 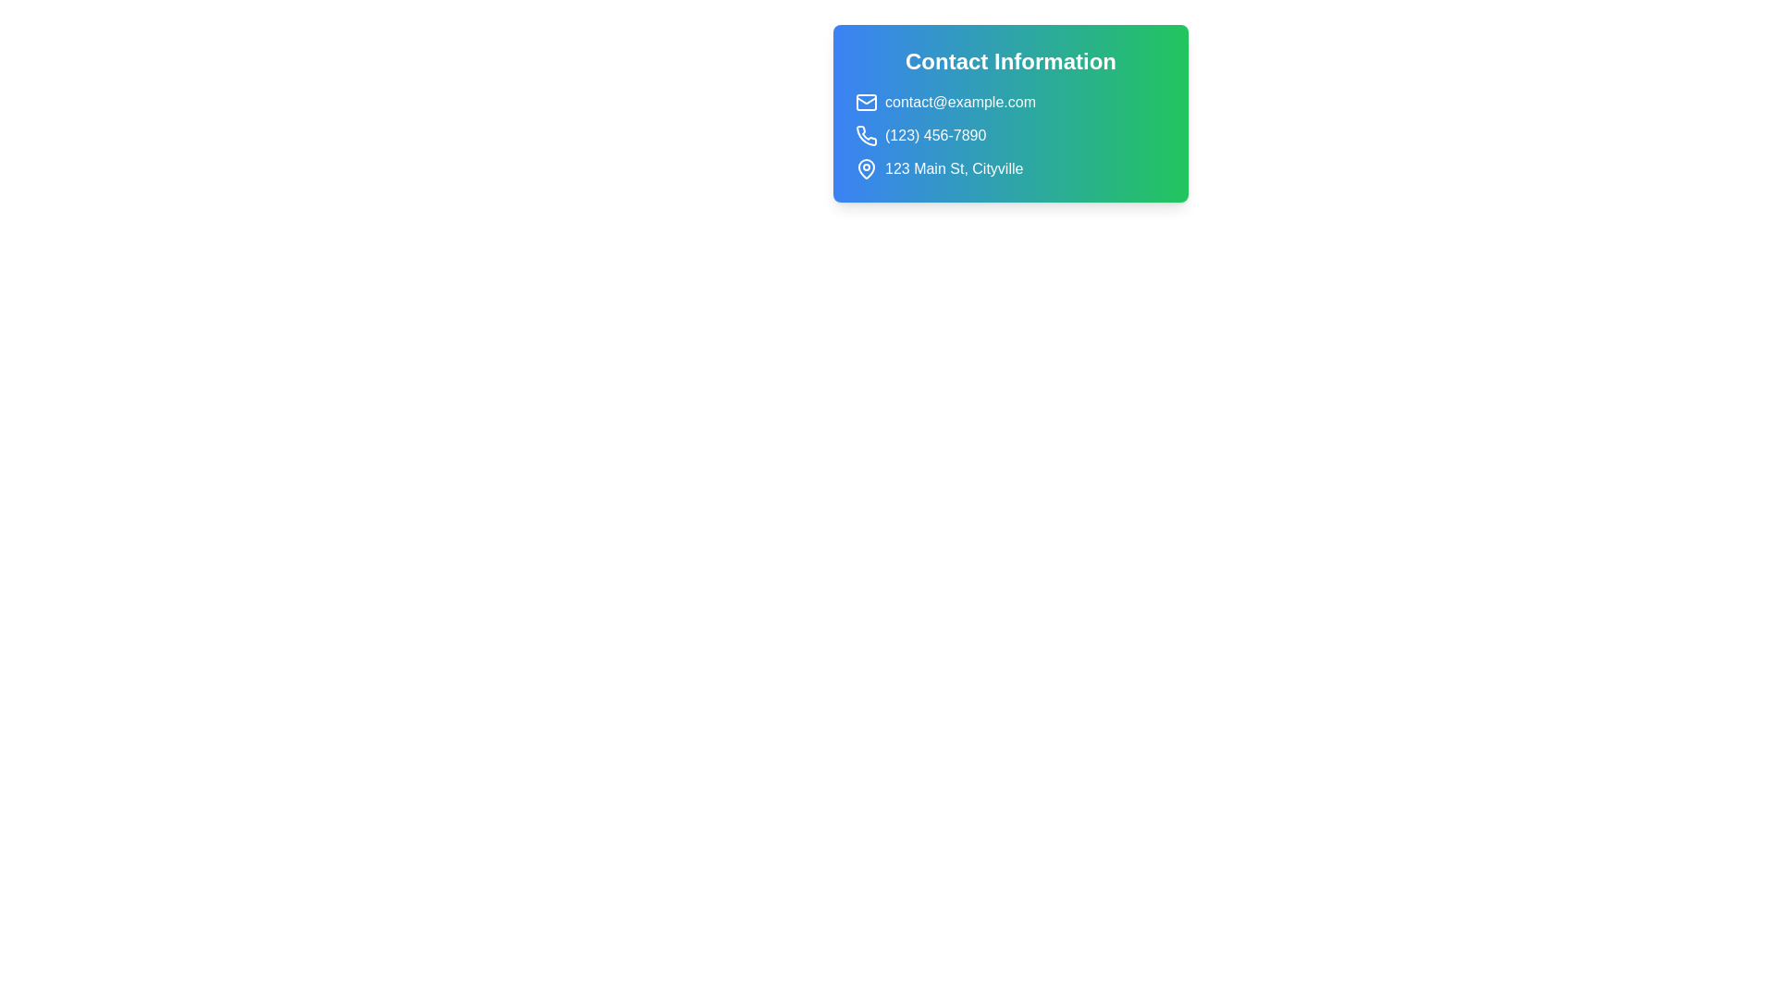 What do you see at coordinates (865, 103) in the screenshot?
I see `the mail envelope icon that is located to the left of the email address 'contact@example.com'` at bounding box center [865, 103].